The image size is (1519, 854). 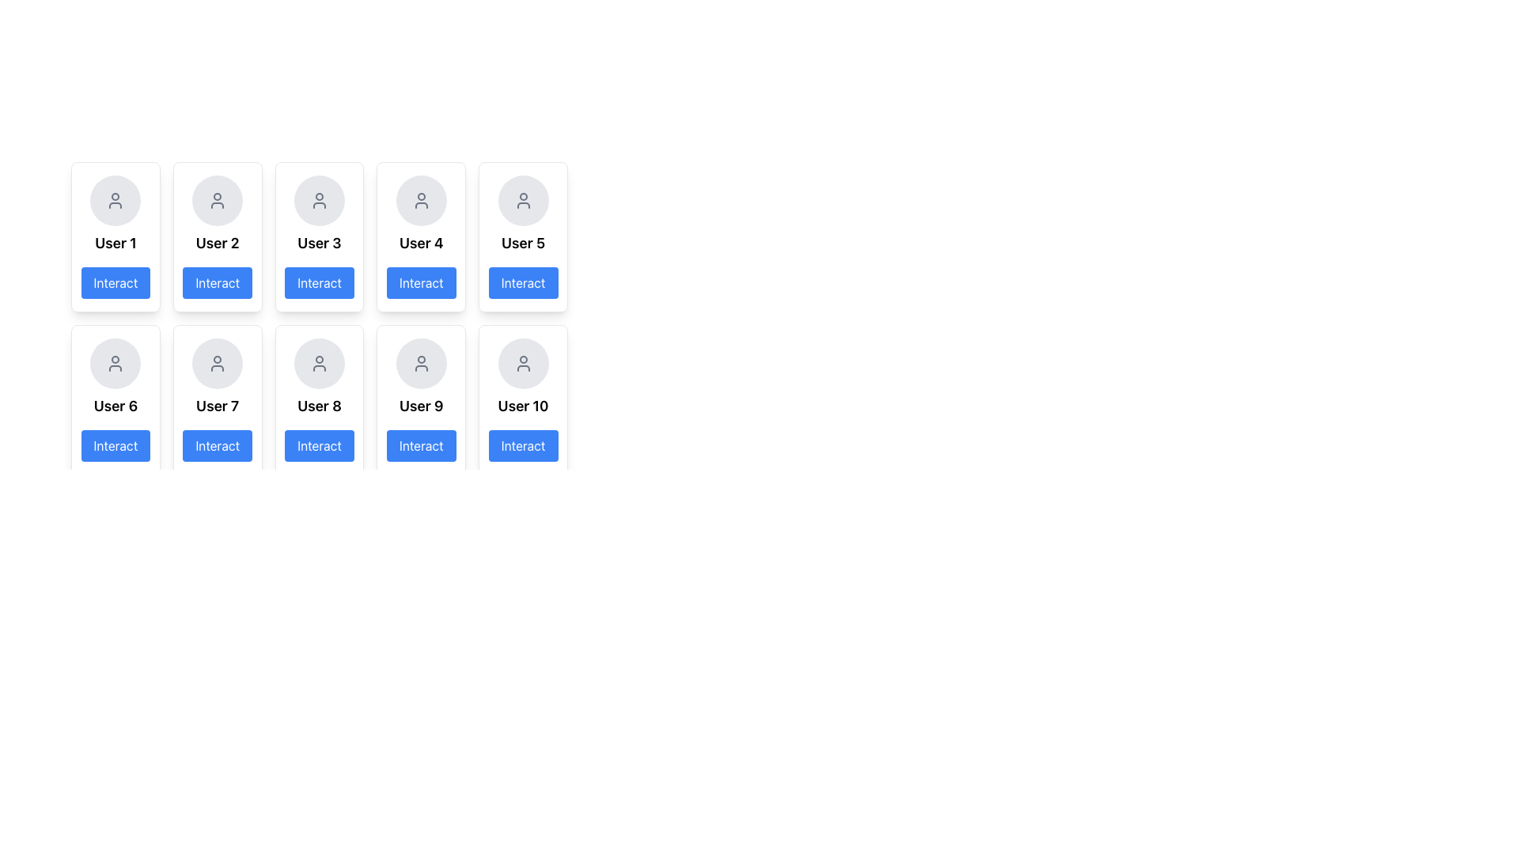 I want to click on the button located at the bottom center of the user card labeled 'User 3', so click(x=318, y=282).